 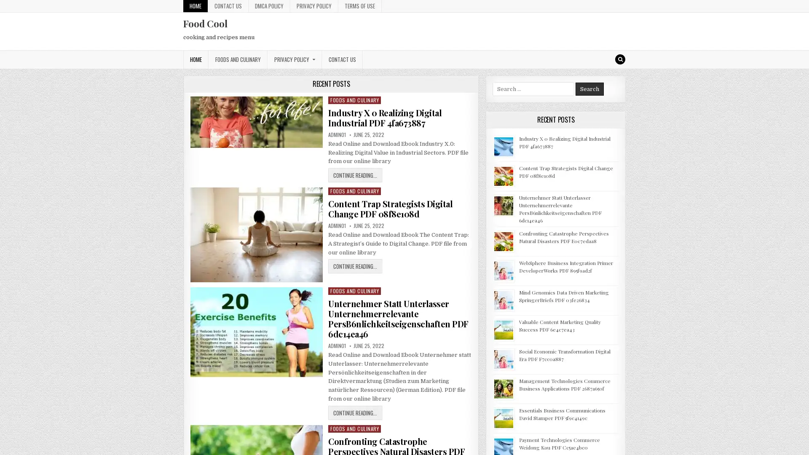 What do you see at coordinates (589, 89) in the screenshot?
I see `Search` at bounding box center [589, 89].